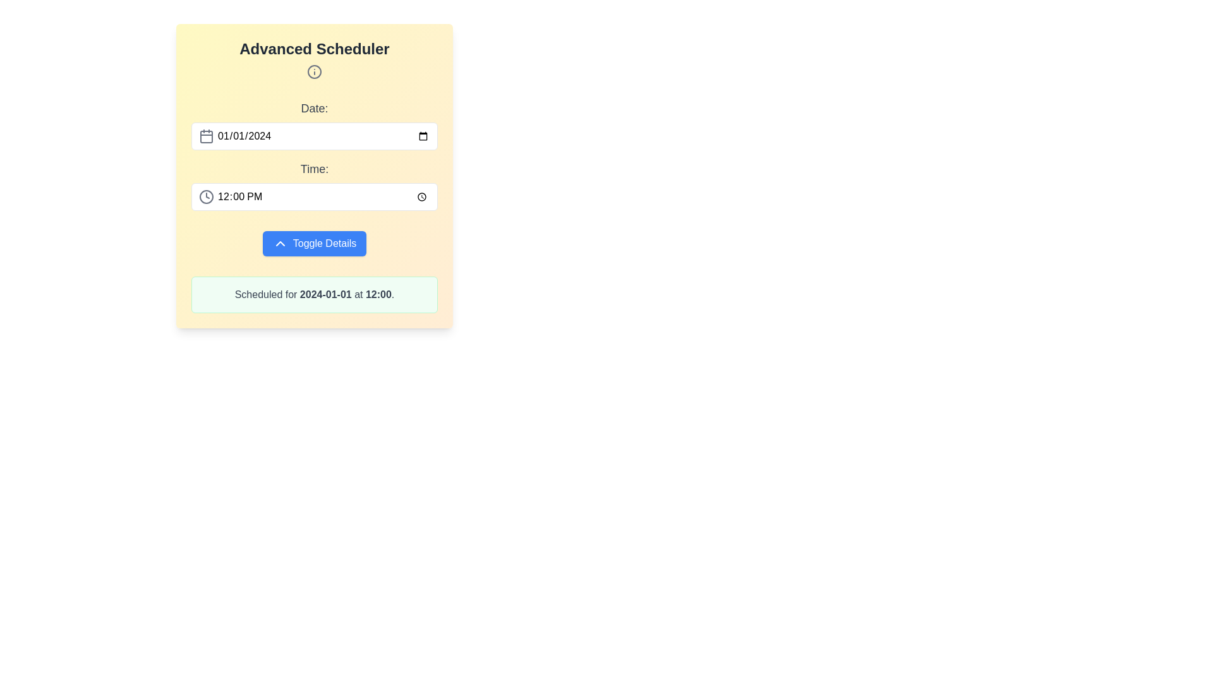 This screenshot has height=682, width=1213. I want to click on the blue button labeled 'Toggle Details' with a chevron-up icon, so click(315, 243).